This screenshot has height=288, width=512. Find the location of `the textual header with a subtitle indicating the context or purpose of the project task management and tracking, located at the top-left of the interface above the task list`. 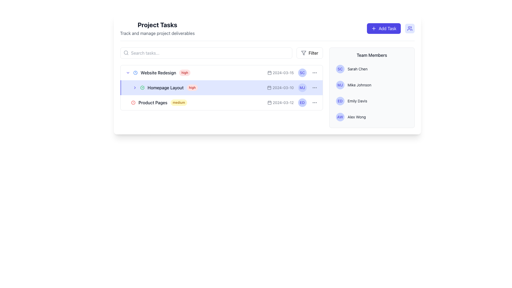

the textual header with a subtitle indicating the context or purpose of the project task management and tracking, located at the top-left of the interface above the task list is located at coordinates (157, 29).